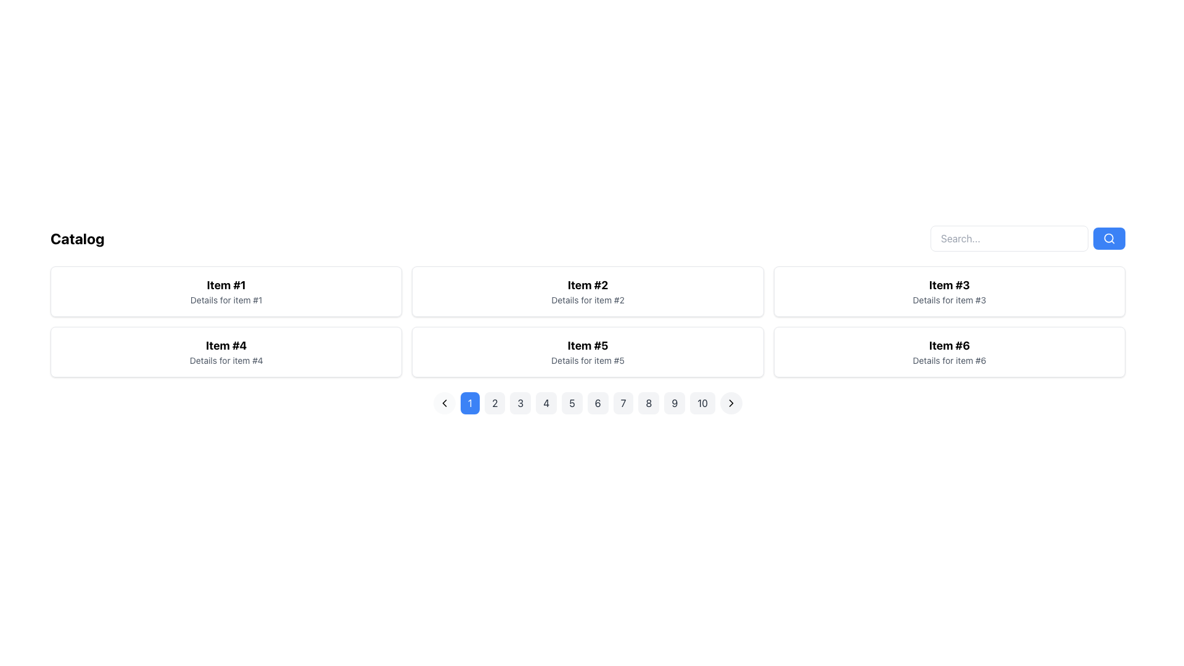 The height and width of the screenshot is (666, 1184). Describe the element at coordinates (587, 345) in the screenshot. I see `the static text element that serves as the title for the card labeled 'Item #5Details for item #5', positioned at the center of the card above the descriptive text` at that location.